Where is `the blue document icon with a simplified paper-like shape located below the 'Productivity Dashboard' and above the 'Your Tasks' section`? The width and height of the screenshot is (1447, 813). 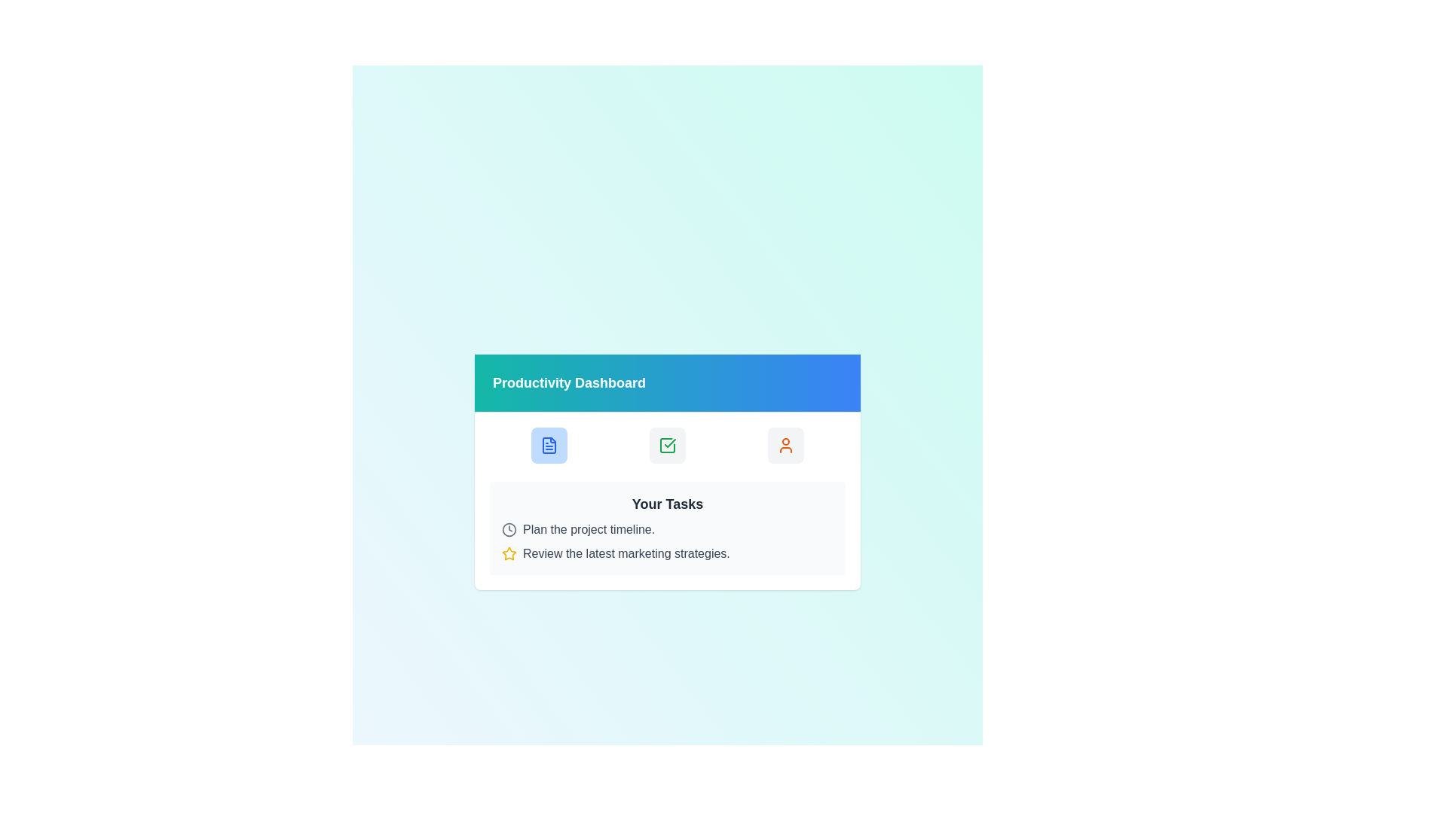 the blue document icon with a simplified paper-like shape located below the 'Productivity Dashboard' and above the 'Your Tasks' section is located at coordinates (548, 444).